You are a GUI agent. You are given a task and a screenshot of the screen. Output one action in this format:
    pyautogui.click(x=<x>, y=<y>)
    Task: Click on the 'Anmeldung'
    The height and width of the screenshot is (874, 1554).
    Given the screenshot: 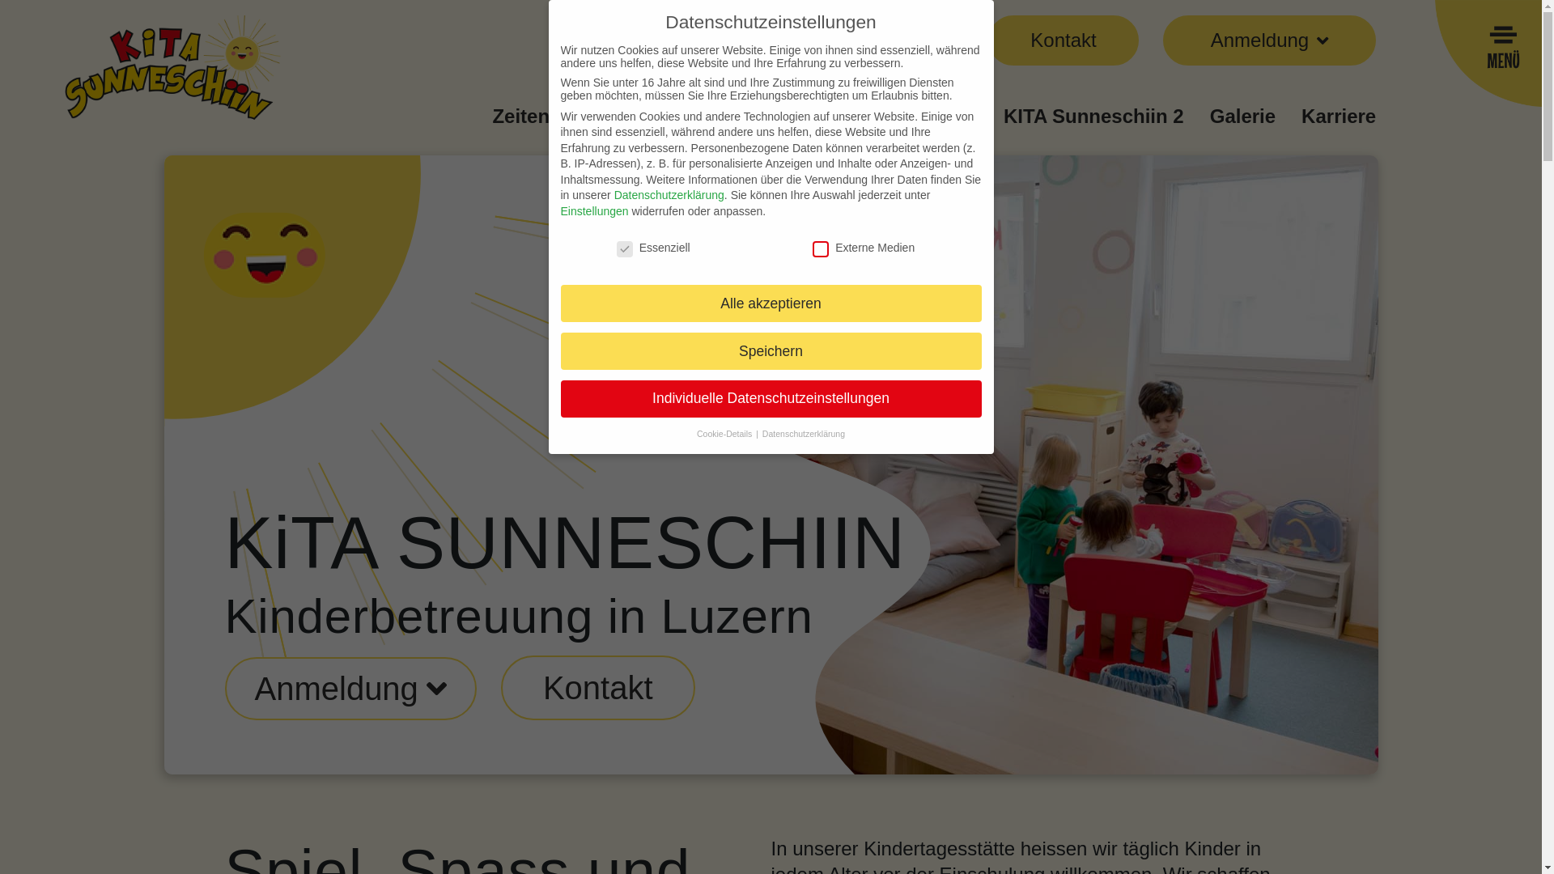 What is the action you would take?
    pyautogui.click(x=350, y=689)
    